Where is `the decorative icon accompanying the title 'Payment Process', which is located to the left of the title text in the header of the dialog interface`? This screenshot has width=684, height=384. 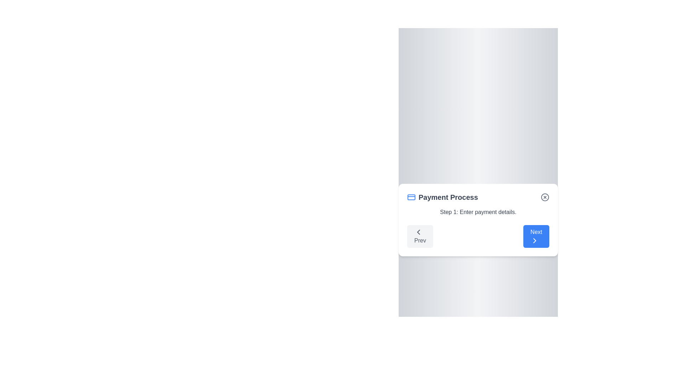 the decorative icon accompanying the title 'Payment Process', which is located to the left of the title text in the header of the dialog interface is located at coordinates (411, 197).